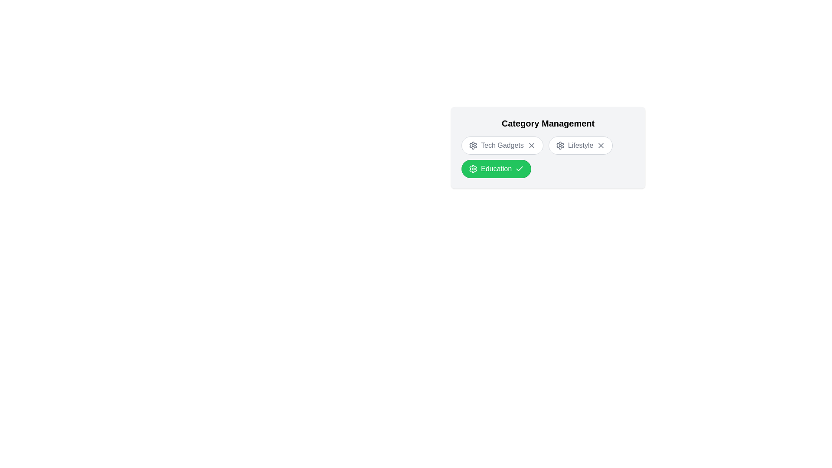 The width and height of the screenshot is (832, 468). Describe the element at coordinates (502, 145) in the screenshot. I see `the Tech Gadgets chip to toggle its activation state` at that location.